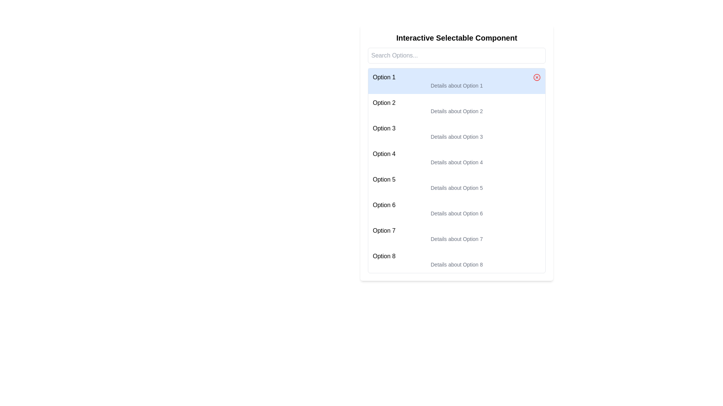 Image resolution: width=723 pixels, height=406 pixels. Describe the element at coordinates (456, 183) in the screenshot. I see `the list item displaying 'Option 5'` at that location.